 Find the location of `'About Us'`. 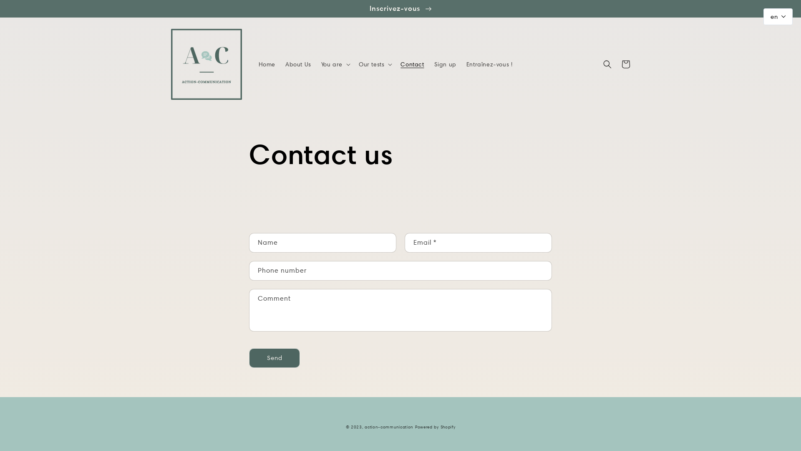

'About Us' is located at coordinates (298, 64).